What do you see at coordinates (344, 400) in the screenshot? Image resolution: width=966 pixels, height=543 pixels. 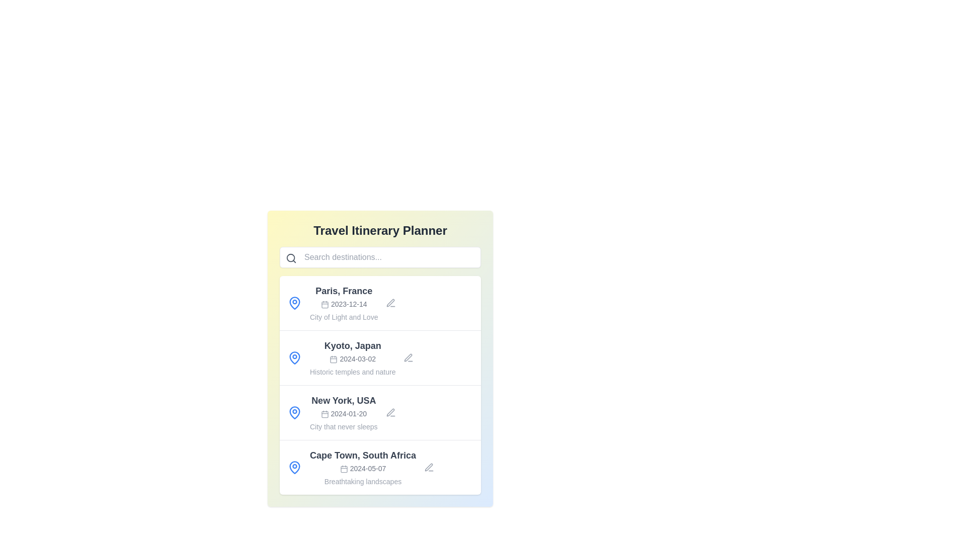 I see `the Text Label displaying 'New York, USA' which is styled in bold gray text, located at the top of the location-related information section` at bounding box center [344, 400].